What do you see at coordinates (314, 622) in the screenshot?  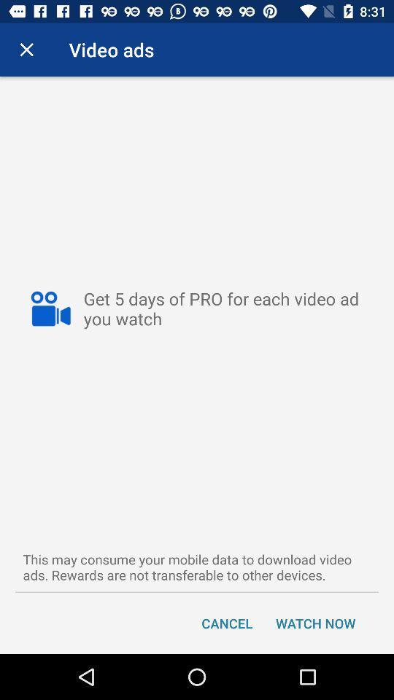 I see `item next to cancel item` at bounding box center [314, 622].